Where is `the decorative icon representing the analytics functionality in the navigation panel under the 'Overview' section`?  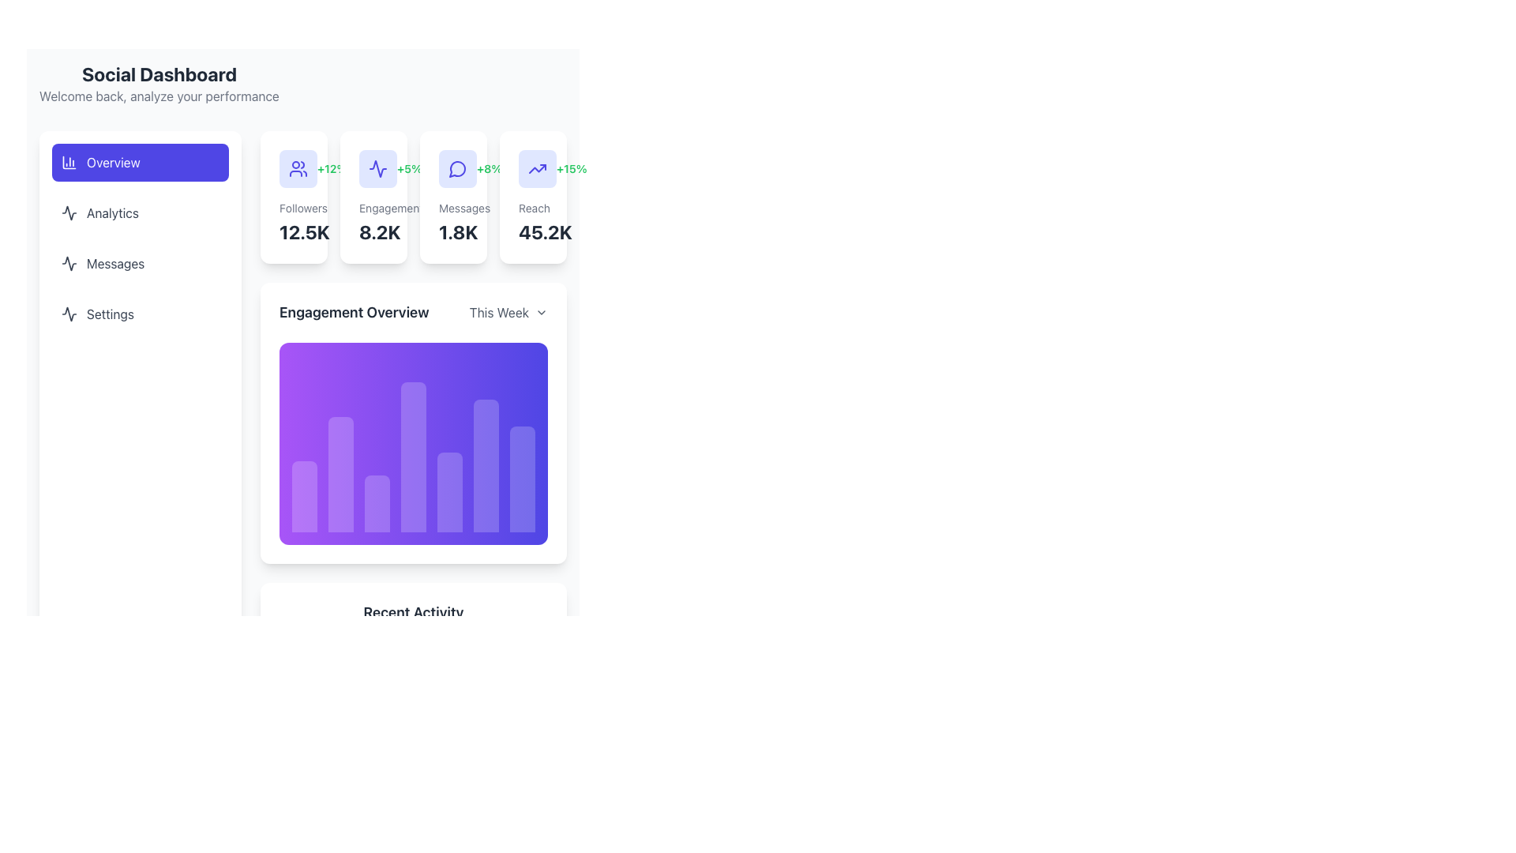 the decorative icon representing the analytics functionality in the navigation panel under the 'Overview' section is located at coordinates (68, 213).